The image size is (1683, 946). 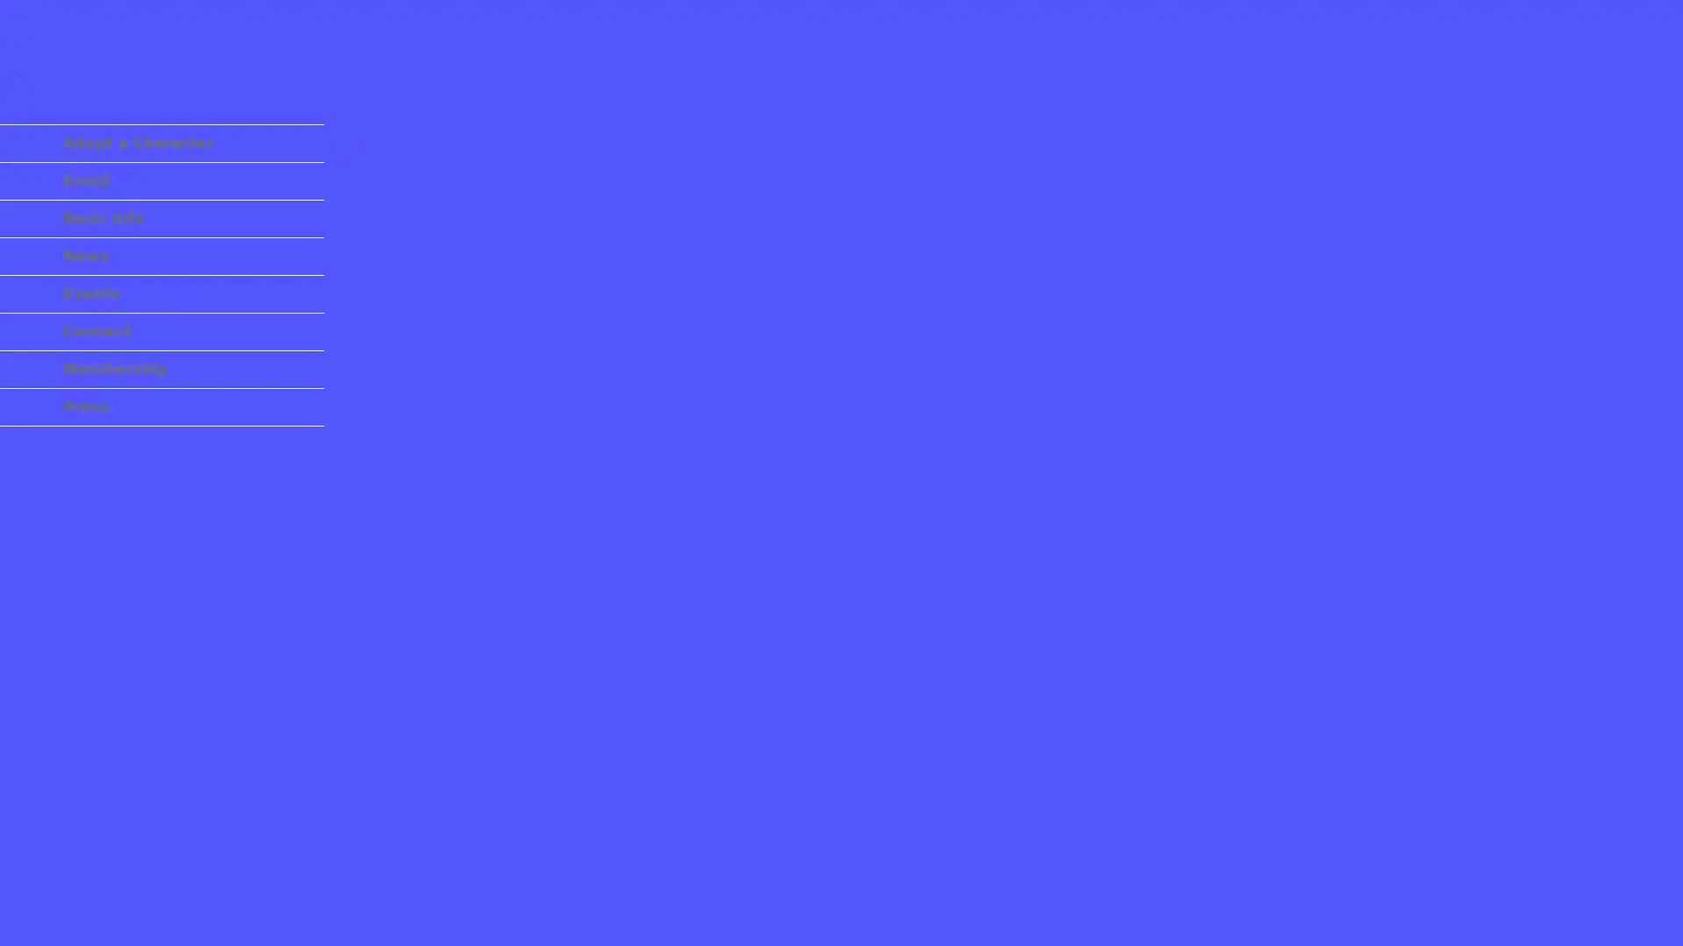 What do you see at coordinates (1482, 613) in the screenshot?
I see `U+2022` at bounding box center [1482, 613].